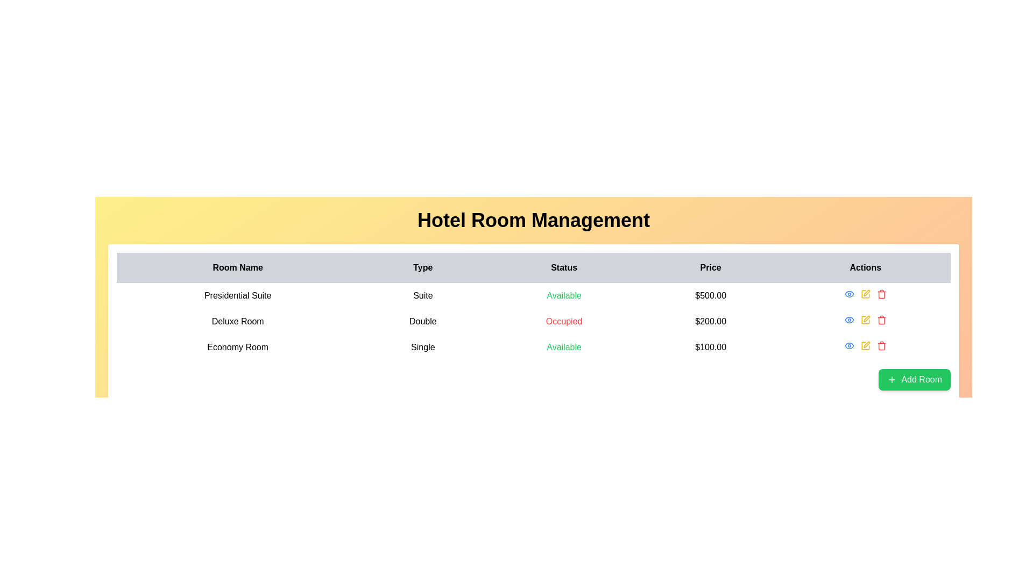  Describe the element at coordinates (711, 347) in the screenshot. I see `the price text label for the Economy Room located in the rightmost column under the 'Price' header in the data table` at that location.